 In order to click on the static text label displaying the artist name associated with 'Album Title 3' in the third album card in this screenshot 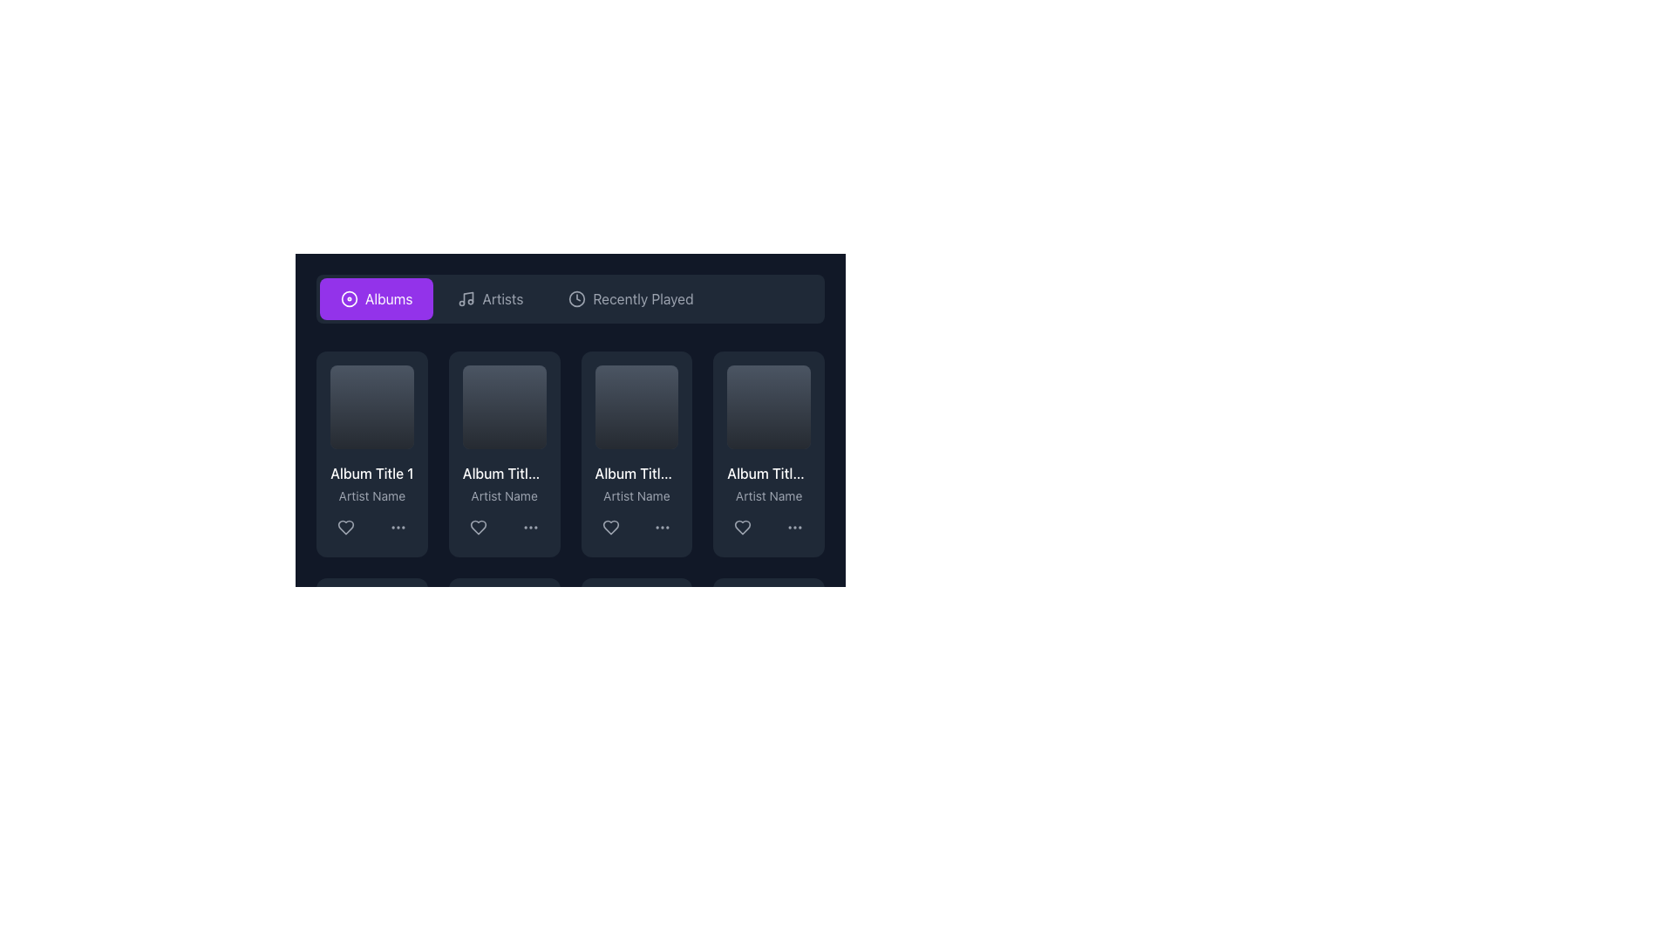, I will do `click(636, 495)`.